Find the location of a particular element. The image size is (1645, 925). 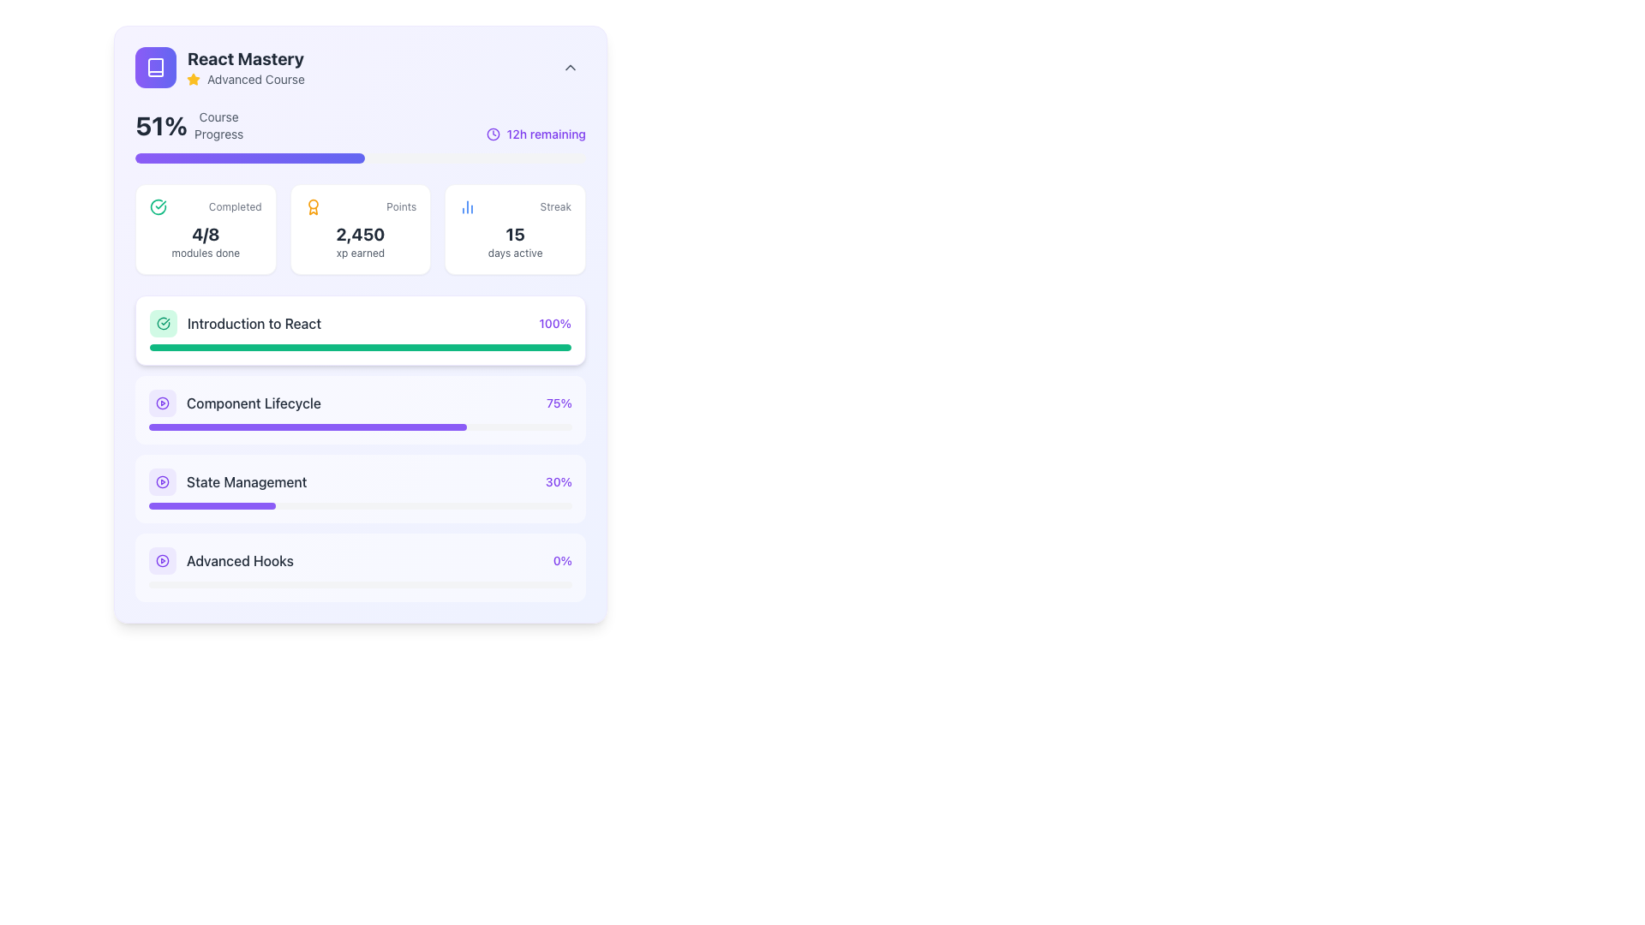

the progress ratio text label that displays the completed versus total modules of the course, located centrally below the 'Completed' text and above the 'modules done' text is located at coordinates (206, 234).